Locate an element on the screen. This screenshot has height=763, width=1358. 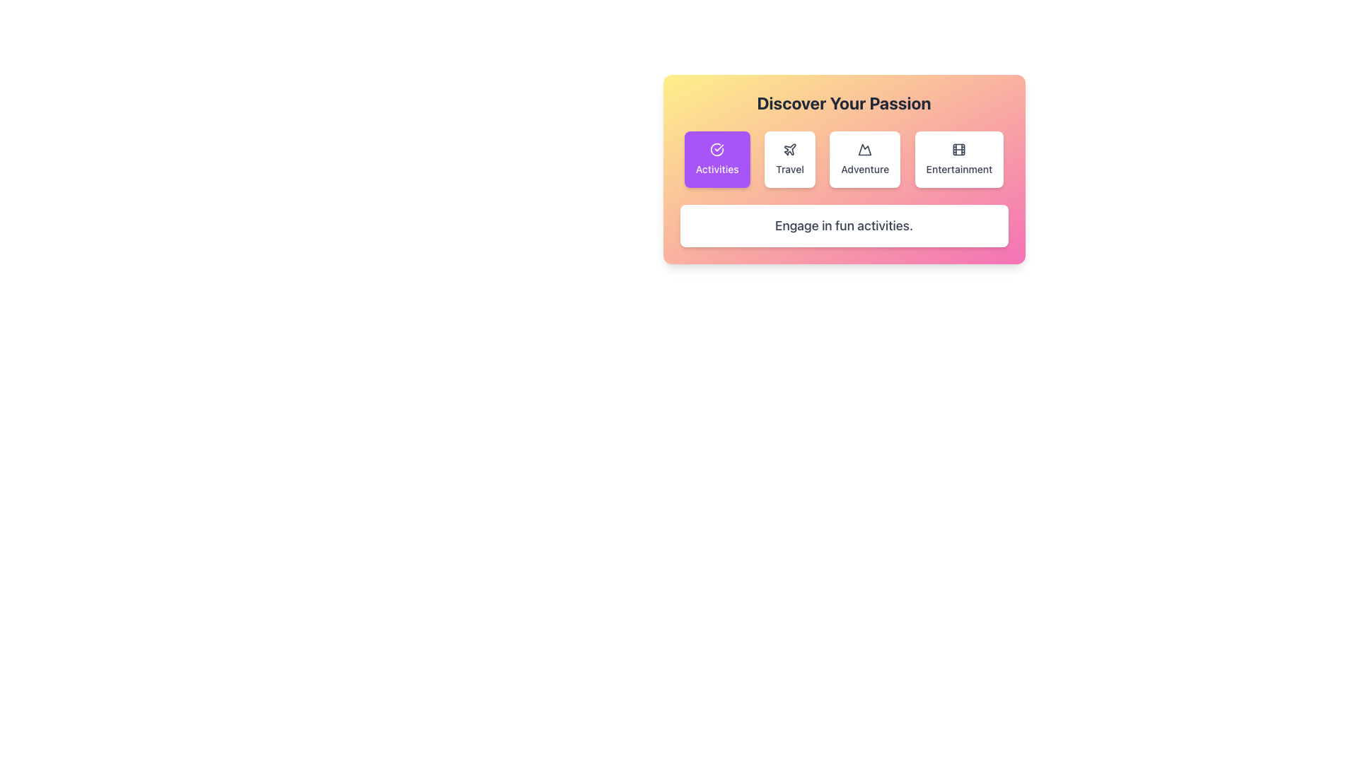
the airplane icon representing the 'Travel' option, located inside the second button from the left below the 'Discover Your Passion' title is located at coordinates (789, 149).